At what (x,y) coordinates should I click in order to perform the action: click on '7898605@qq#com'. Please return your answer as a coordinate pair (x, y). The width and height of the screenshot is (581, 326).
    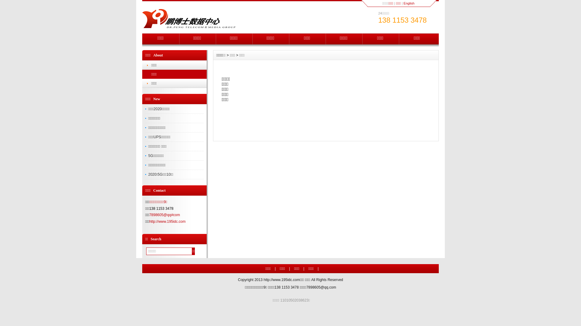
    Looking at the image, I should click on (149, 215).